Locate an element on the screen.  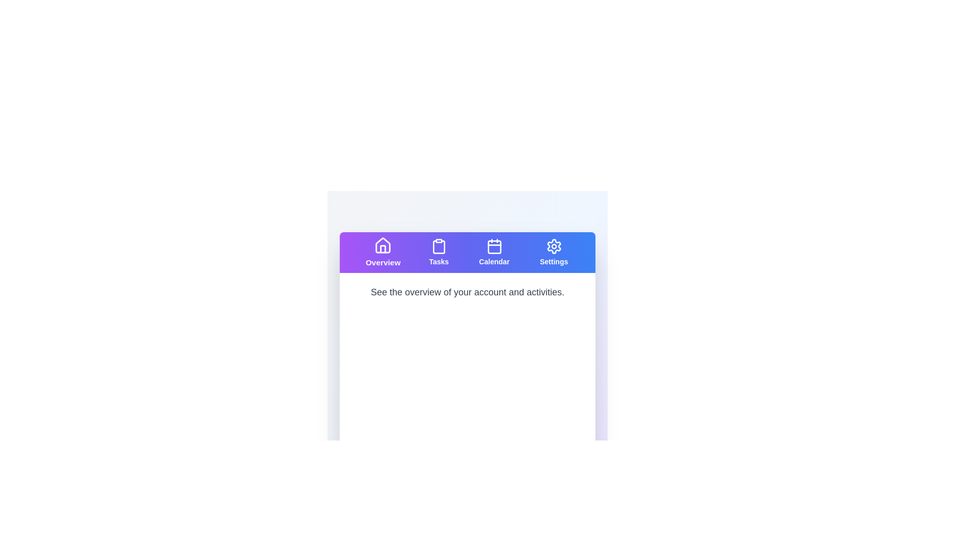
the clipboard icon within the 'Tasks' section is located at coordinates (439, 246).